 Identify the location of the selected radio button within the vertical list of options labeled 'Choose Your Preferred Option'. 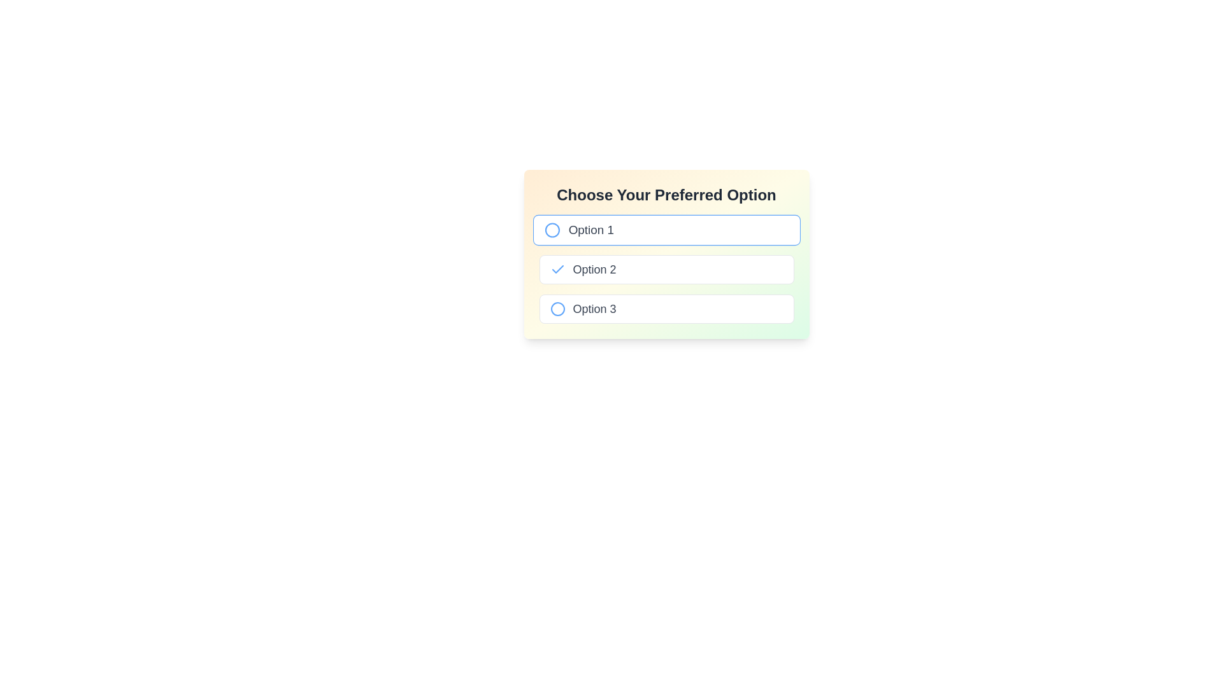
(666, 269).